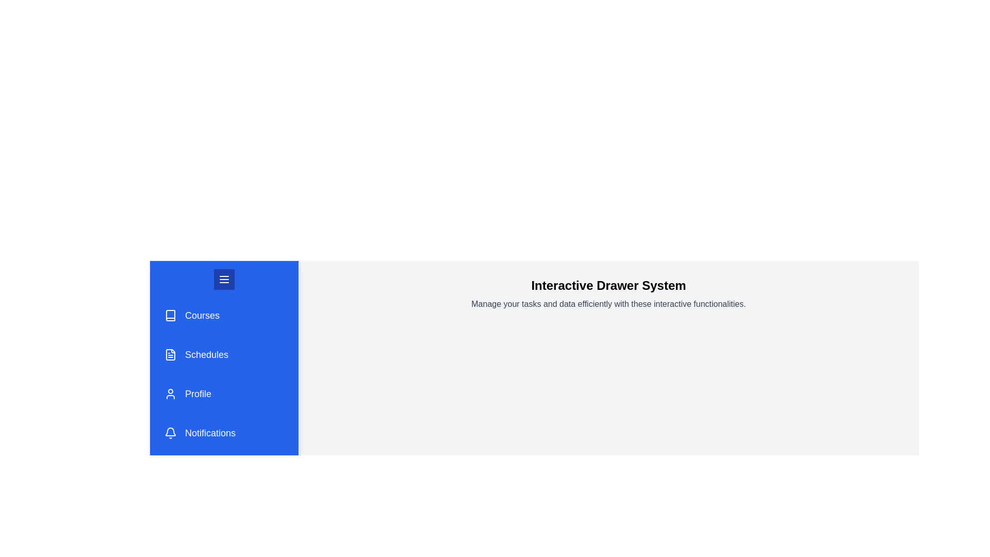 This screenshot has width=990, height=557. What do you see at coordinates (224, 394) in the screenshot?
I see `the 'Profile' menu item in the drawer` at bounding box center [224, 394].